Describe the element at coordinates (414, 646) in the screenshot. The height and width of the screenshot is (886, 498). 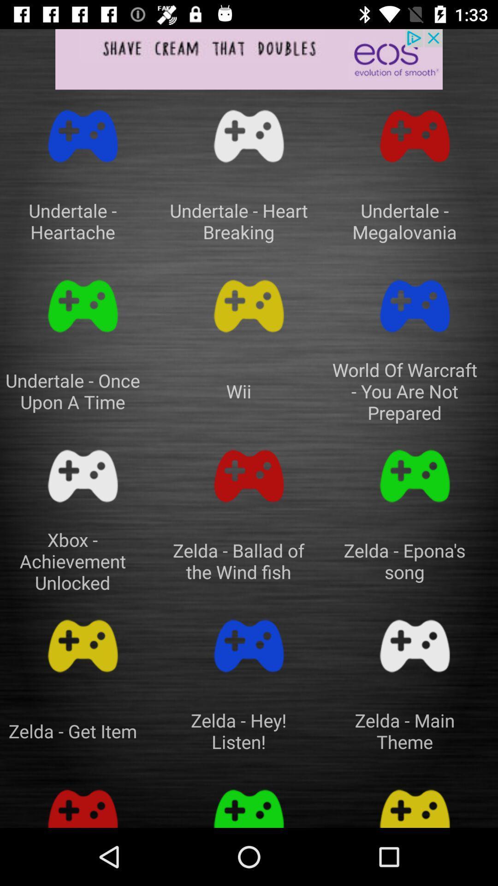
I see `zelda-main theme for video games` at that location.